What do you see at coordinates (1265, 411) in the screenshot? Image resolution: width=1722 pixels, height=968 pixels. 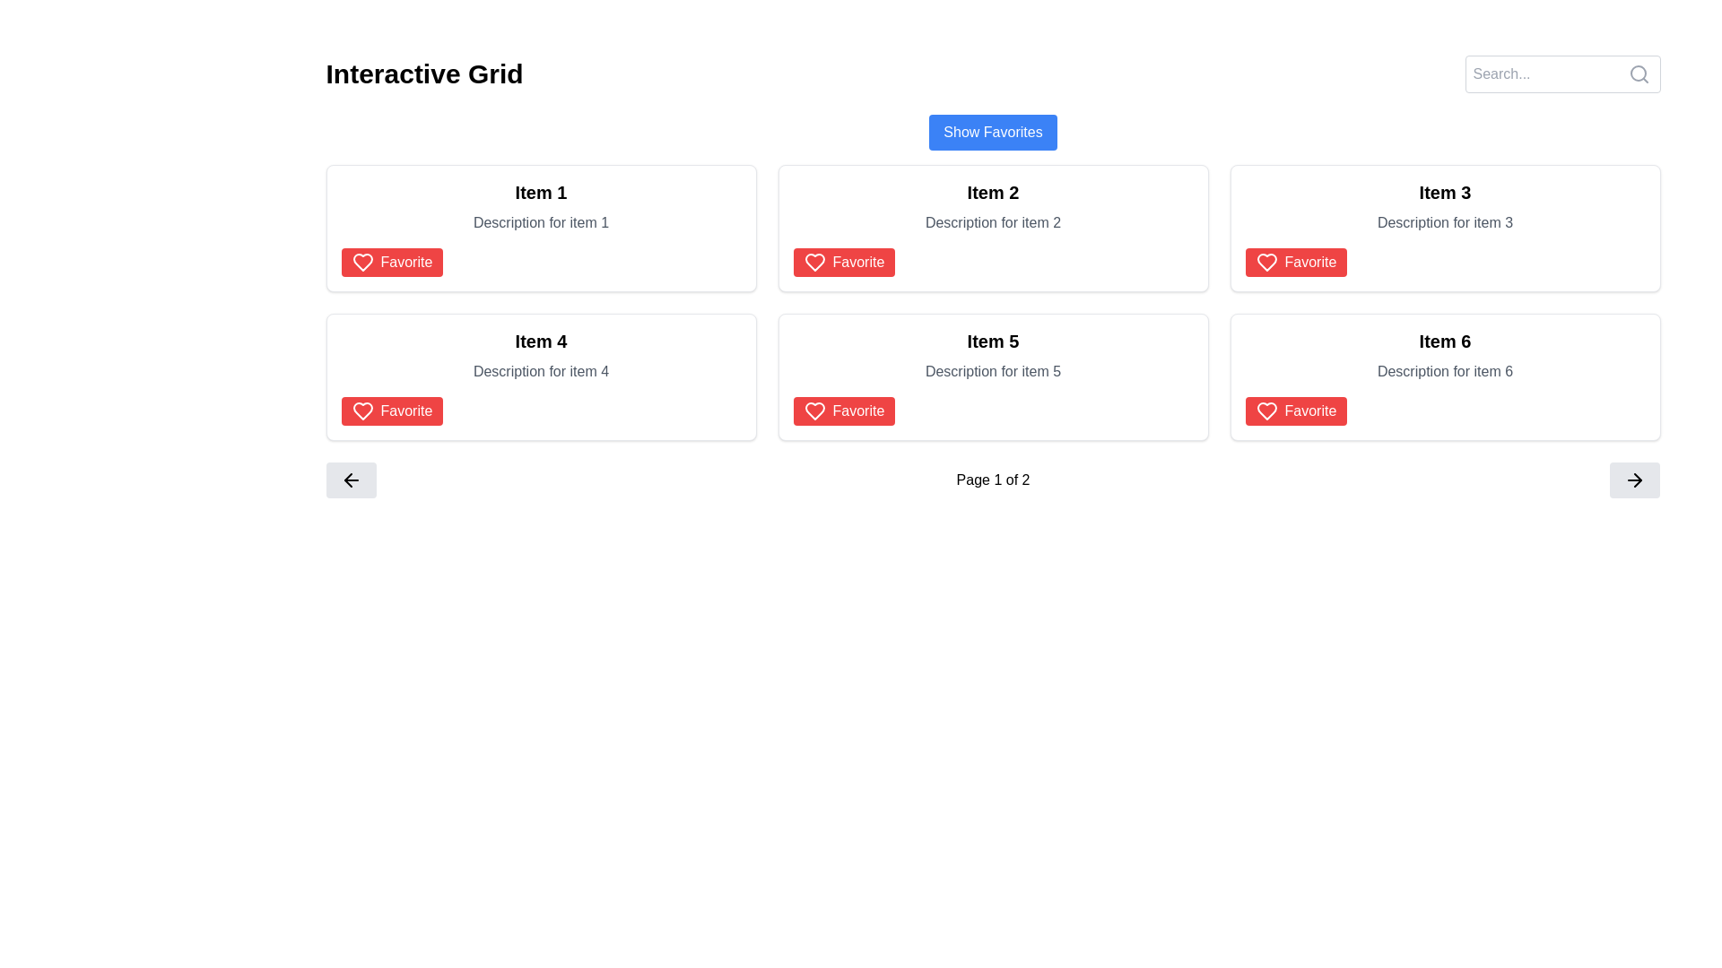 I see `the heart-shaped icon filled with red color located in the card for 'Item 6' in the second row of the grid layout, near the label 'Favorite.'` at bounding box center [1265, 411].